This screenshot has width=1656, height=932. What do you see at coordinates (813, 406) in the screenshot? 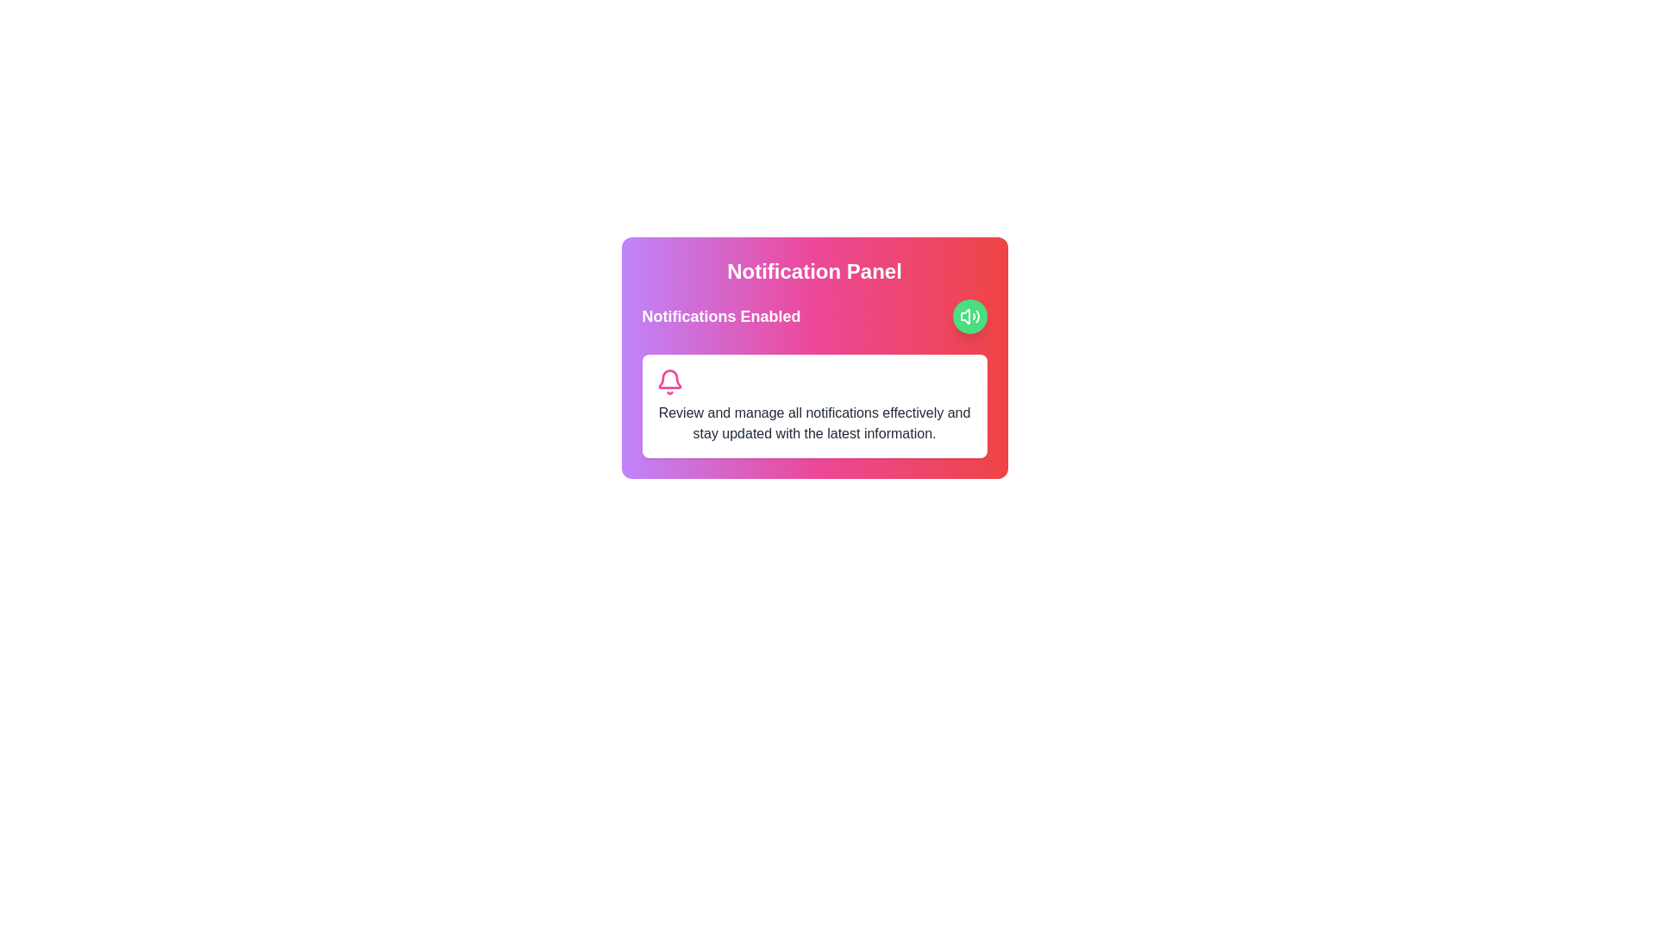
I see `the informational panel that provides guidance or a description regarding the notification feature, located below the 'Notifications Enabled' text and its associated green circular icon` at bounding box center [813, 406].